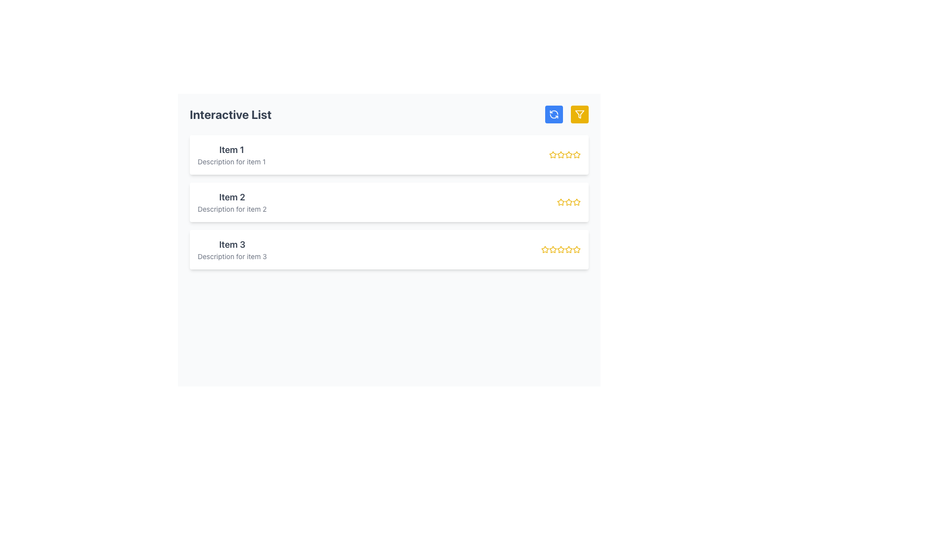 The width and height of the screenshot is (949, 533). Describe the element at coordinates (231, 161) in the screenshot. I see `the text block that reads 'Description for item 1', located directly below the header 'Item 1' in the first list group, styled in a smaller gray font` at that location.